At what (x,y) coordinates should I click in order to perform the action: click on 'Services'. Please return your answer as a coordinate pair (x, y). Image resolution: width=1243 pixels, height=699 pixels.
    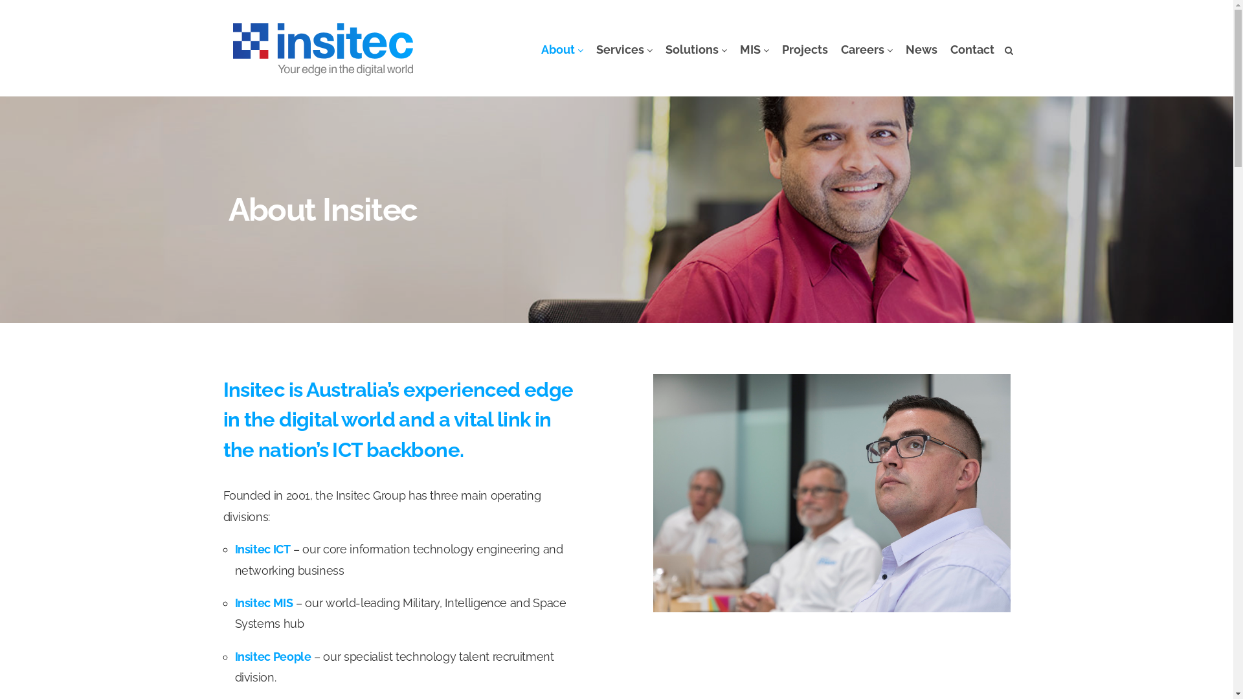
    Looking at the image, I should click on (623, 49).